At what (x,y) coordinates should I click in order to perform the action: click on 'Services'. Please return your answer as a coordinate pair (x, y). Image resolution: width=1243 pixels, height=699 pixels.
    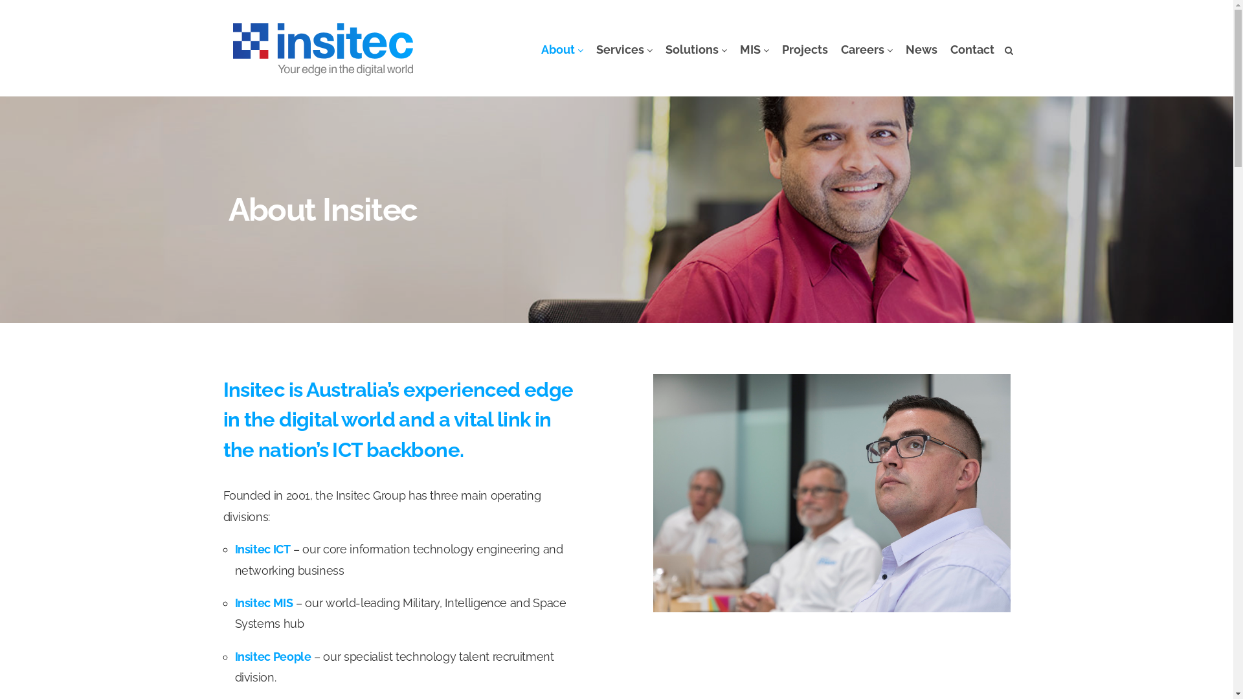
    Looking at the image, I should click on (623, 49).